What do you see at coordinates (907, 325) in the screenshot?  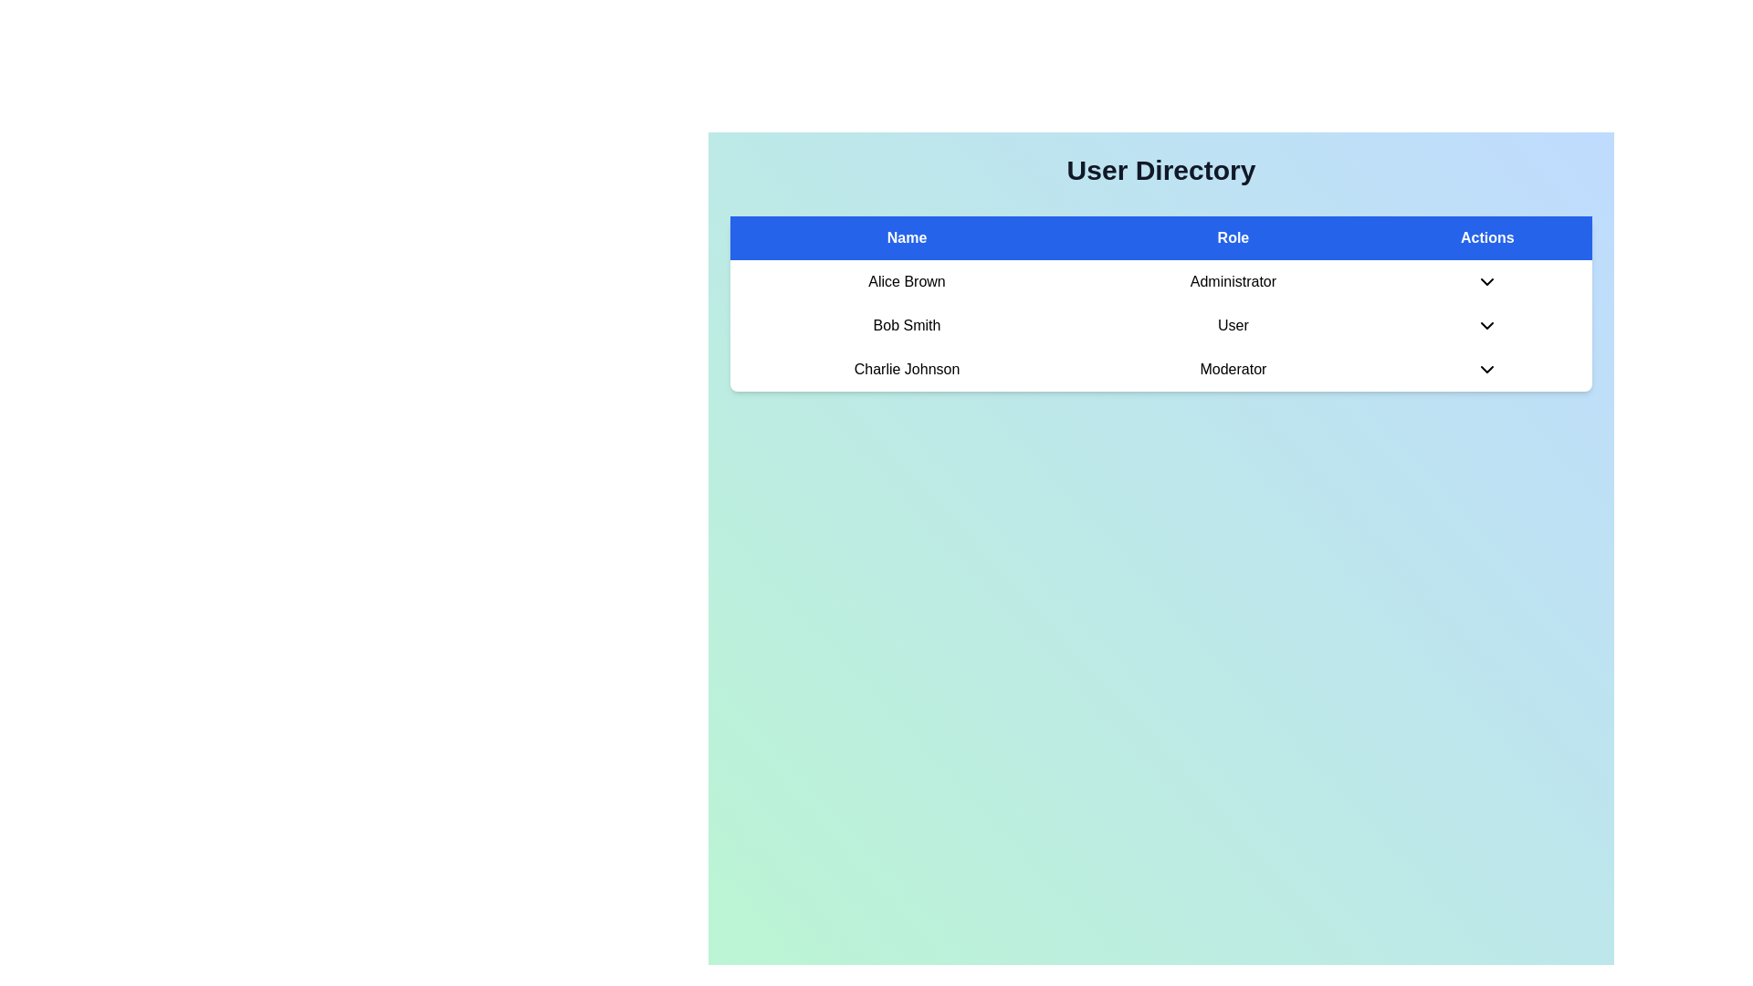 I see `the text label displaying the name 'Bob Smith' in the user directory, located in the second row of the table under the 'Name' column` at bounding box center [907, 325].